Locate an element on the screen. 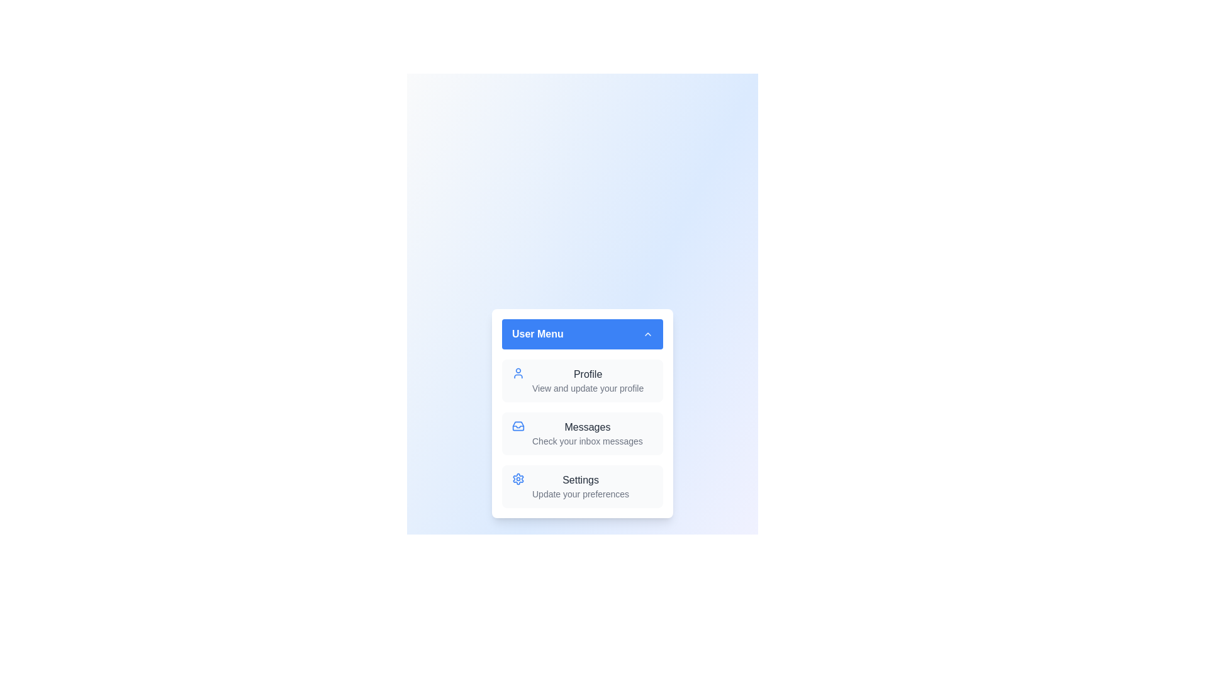 This screenshot has height=680, width=1208. the menu item Messages from the User Menu is located at coordinates (582, 433).